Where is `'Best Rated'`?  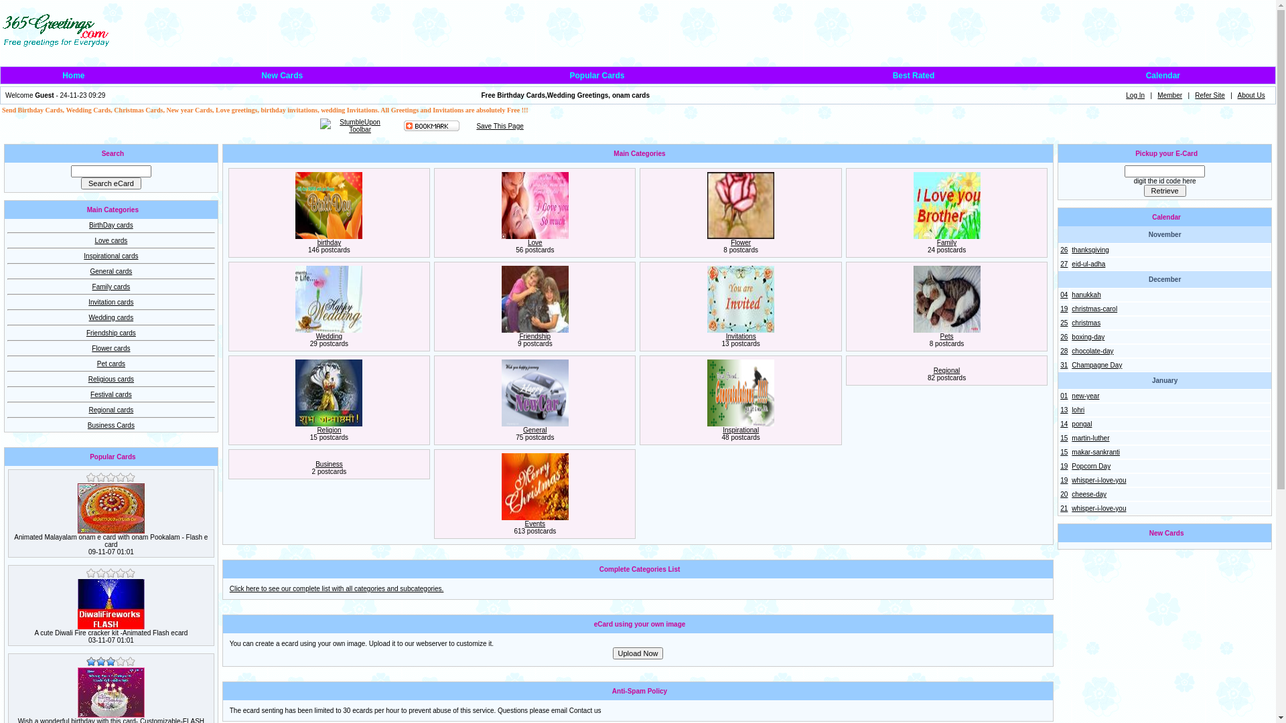 'Best Rated' is located at coordinates (913, 75).